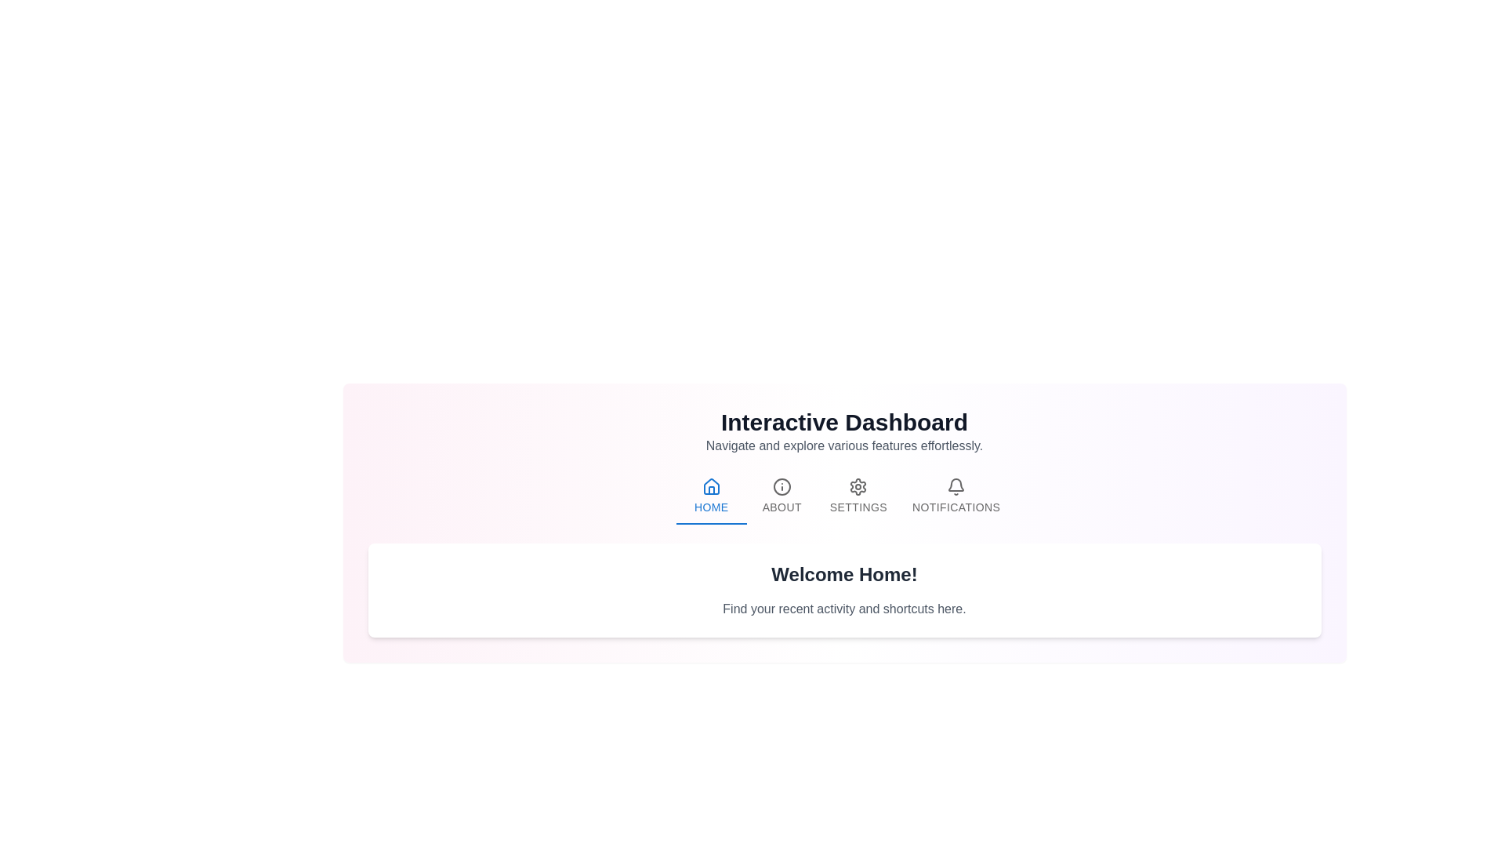 This screenshot has width=1505, height=847. What do you see at coordinates (955, 496) in the screenshot?
I see `the fourth navigation tab located to the right of the 'Settings' tab` at bounding box center [955, 496].